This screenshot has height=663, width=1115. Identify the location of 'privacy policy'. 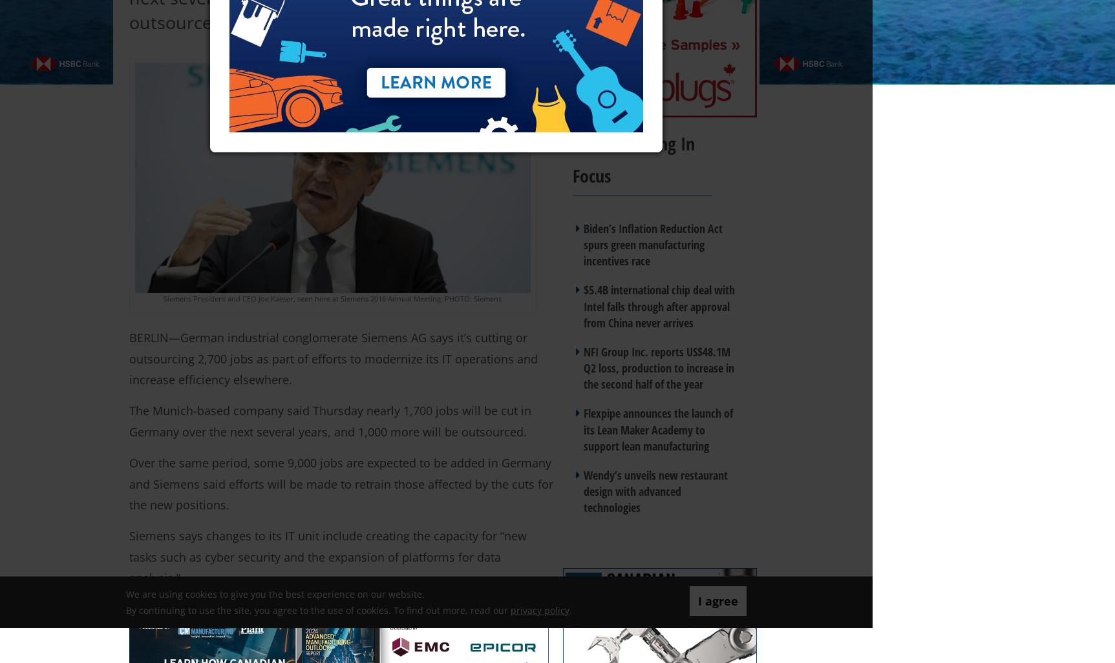
(540, 609).